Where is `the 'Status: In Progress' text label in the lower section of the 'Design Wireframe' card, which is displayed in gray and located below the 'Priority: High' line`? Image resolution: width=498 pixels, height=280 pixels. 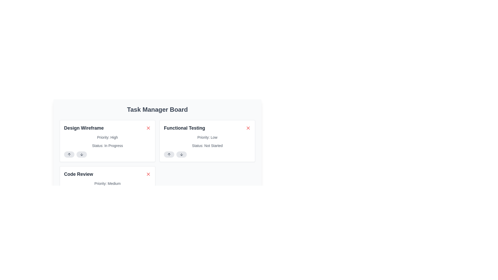 the 'Status: In Progress' text label in the lower section of the 'Design Wireframe' card, which is displayed in gray and located below the 'Priority: High' line is located at coordinates (107, 146).